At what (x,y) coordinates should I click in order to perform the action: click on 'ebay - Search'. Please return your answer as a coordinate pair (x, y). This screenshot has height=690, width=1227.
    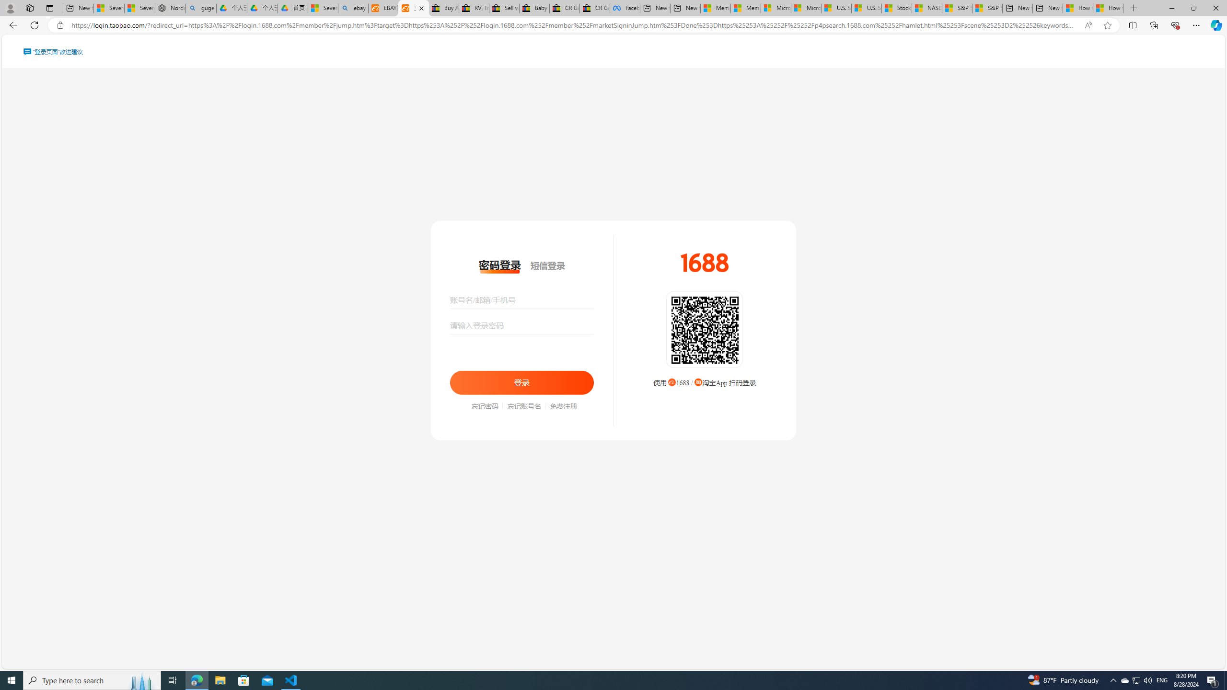
    Looking at the image, I should click on (353, 8).